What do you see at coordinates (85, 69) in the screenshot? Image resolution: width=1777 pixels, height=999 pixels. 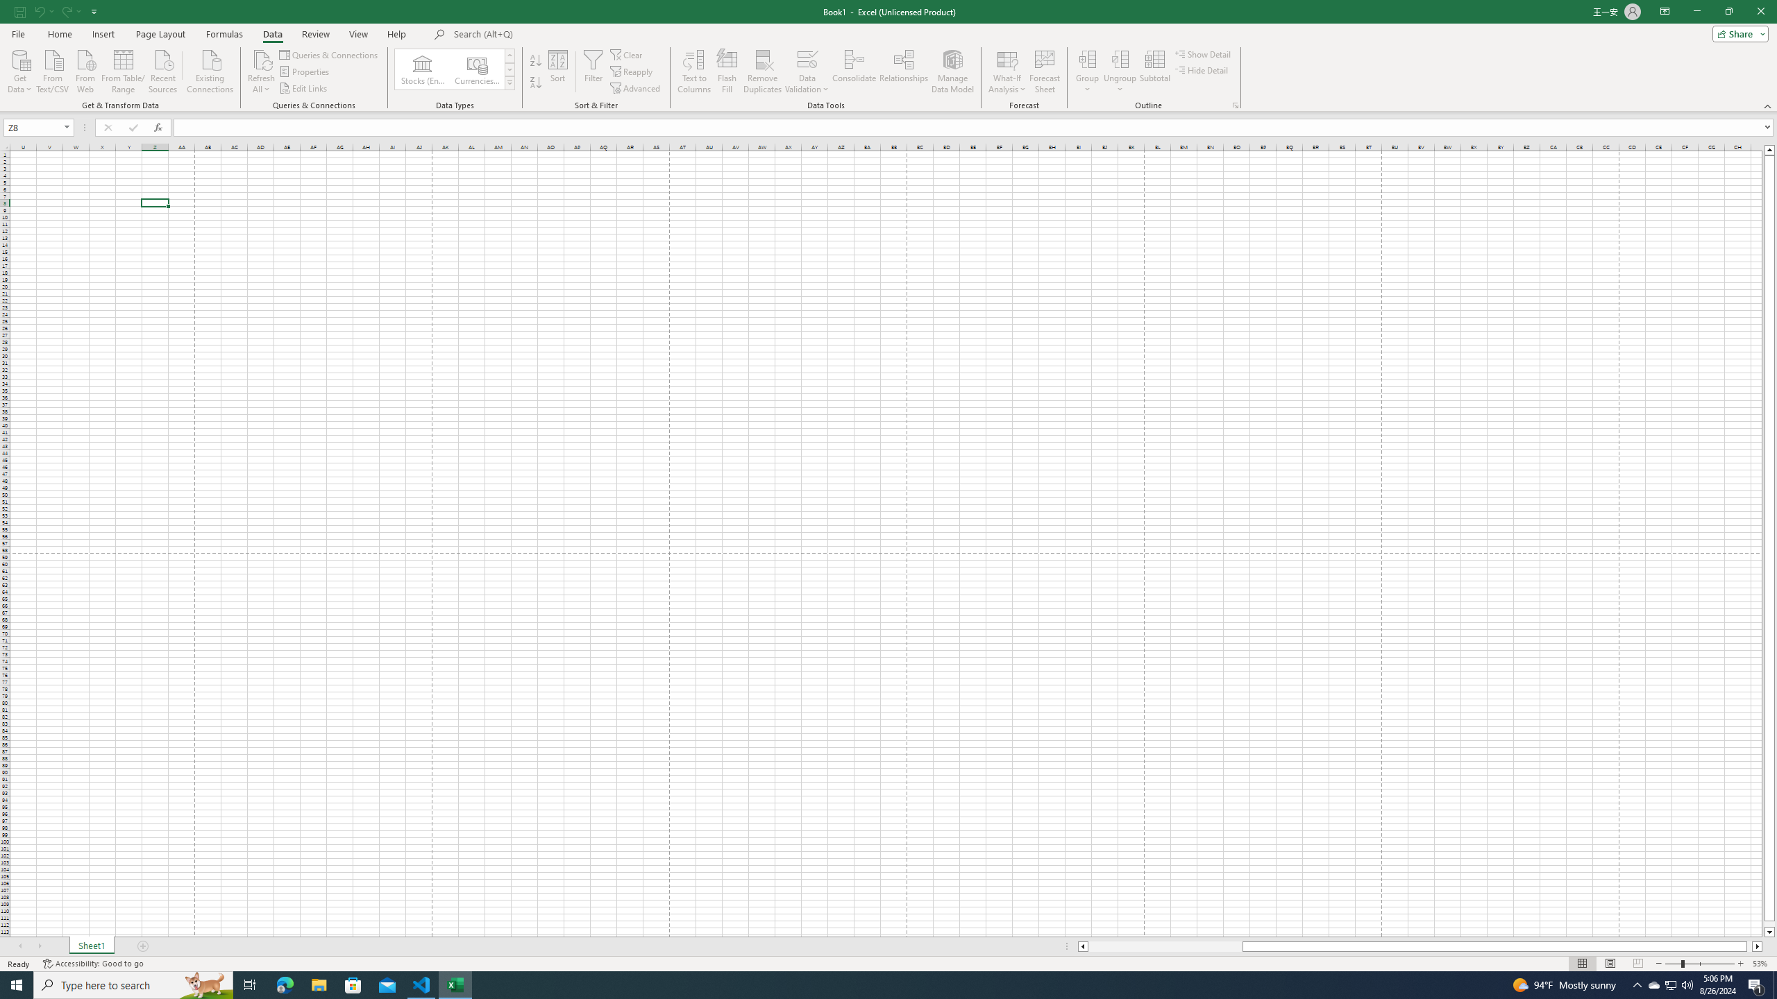 I see `'From Web'` at bounding box center [85, 69].